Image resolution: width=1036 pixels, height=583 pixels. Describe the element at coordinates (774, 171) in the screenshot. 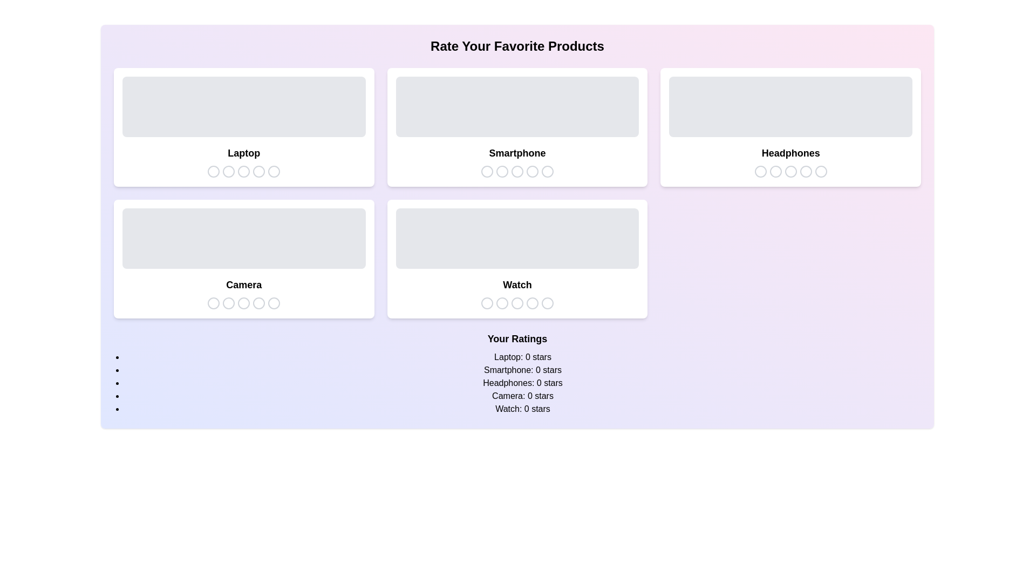

I see `the star icon corresponding to 2 stars for the product Headphones` at that location.